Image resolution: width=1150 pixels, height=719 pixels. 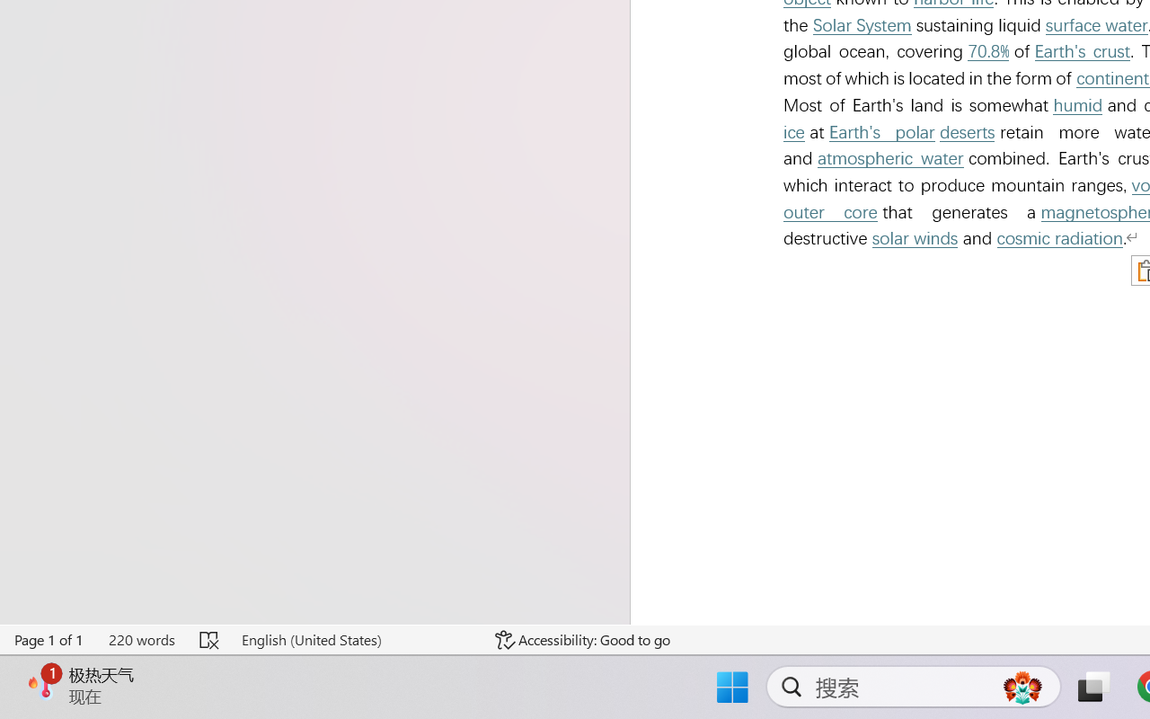 What do you see at coordinates (210, 639) in the screenshot?
I see `'Spelling and Grammar Check Errors'` at bounding box center [210, 639].